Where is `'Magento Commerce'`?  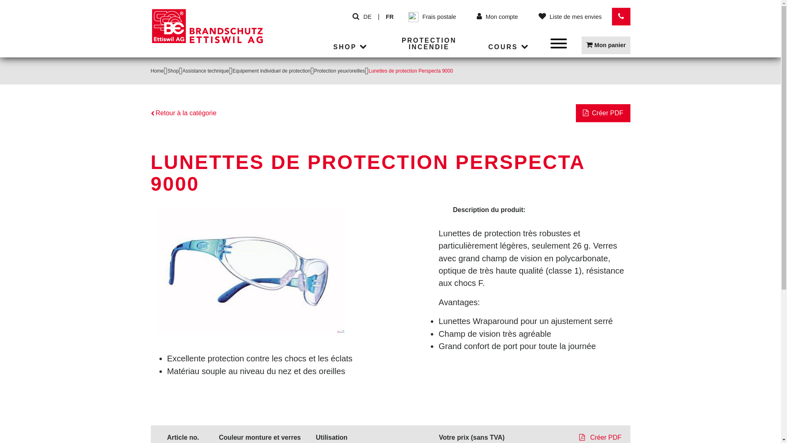
'Magento Commerce' is located at coordinates (151, 32).